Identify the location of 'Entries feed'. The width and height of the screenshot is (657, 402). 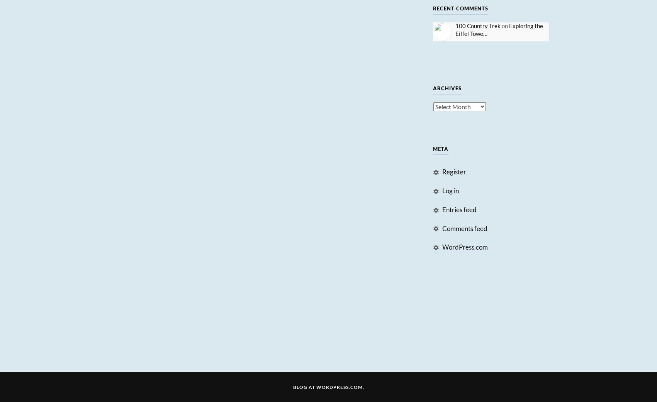
(458, 209).